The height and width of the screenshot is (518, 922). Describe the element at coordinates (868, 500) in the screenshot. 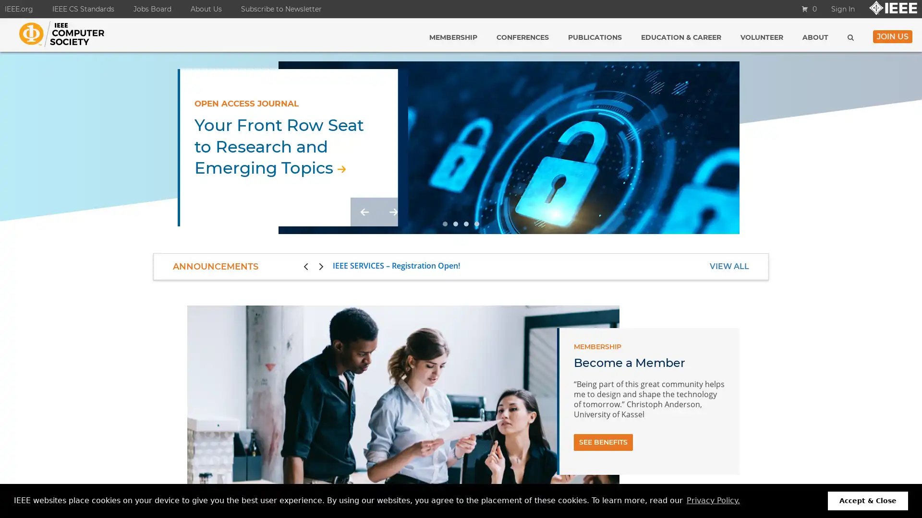

I see `dismiss cookie message` at that location.